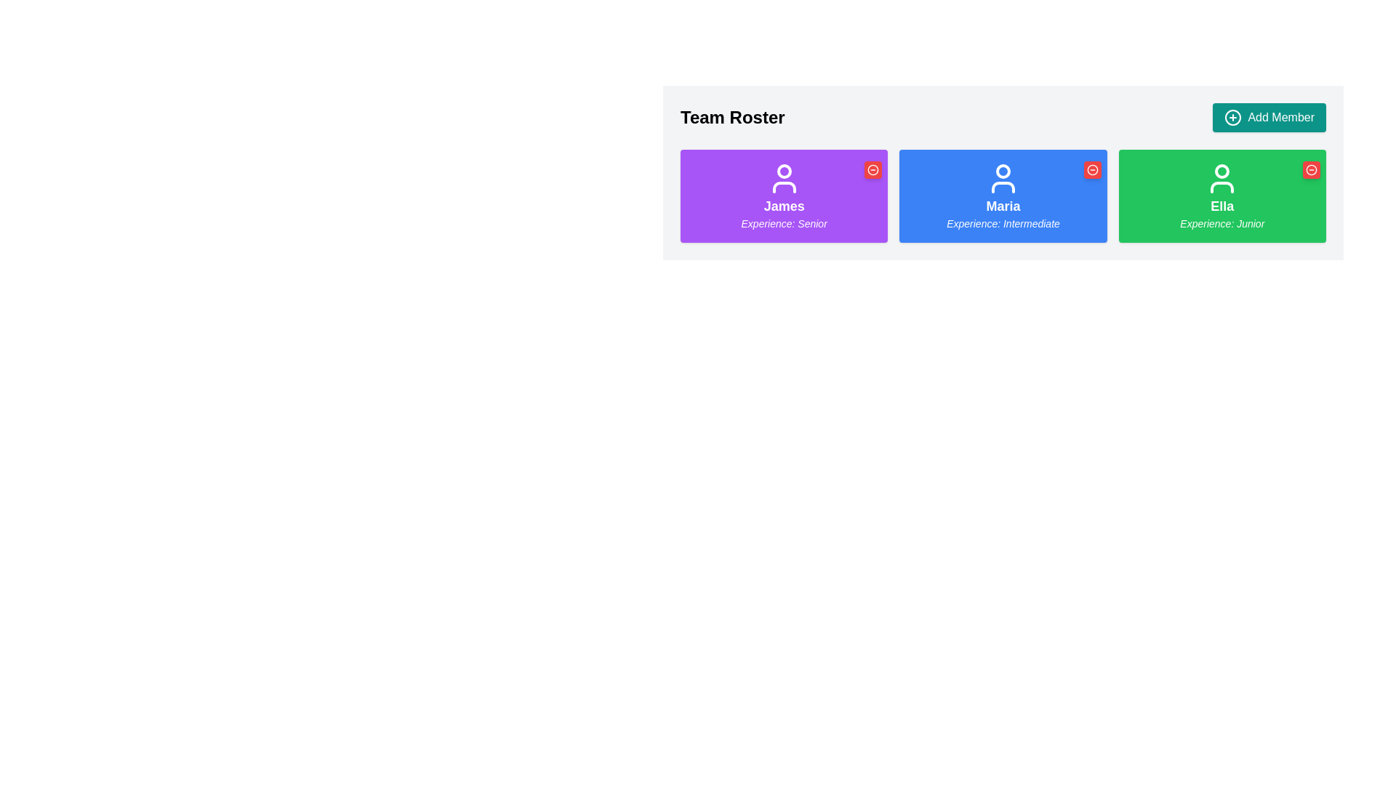  I want to click on the text label named 'Ella' that is located in the rightmost user profile card under the 'Team Roster' section, positioned below the user icon and above the subtitle 'Experience: Junior', so click(1221, 206).